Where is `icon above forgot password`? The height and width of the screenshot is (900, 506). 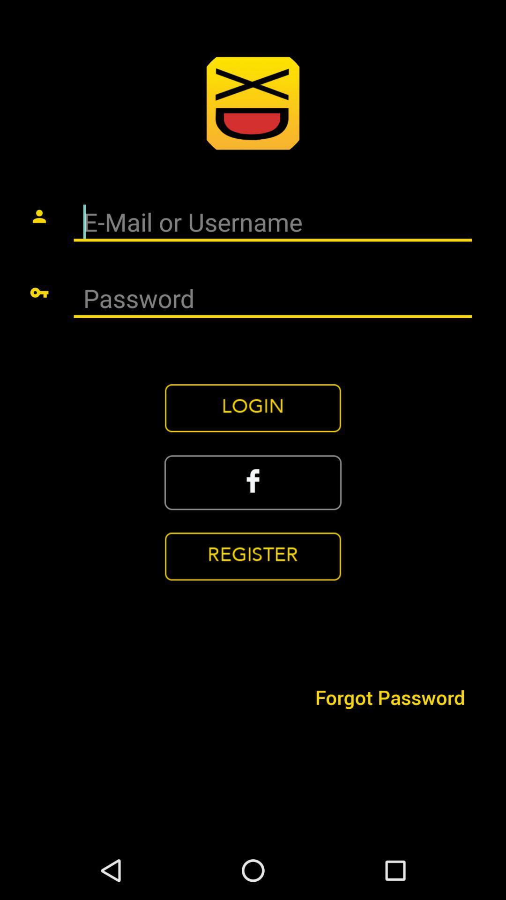 icon above forgot password is located at coordinates (253, 556).